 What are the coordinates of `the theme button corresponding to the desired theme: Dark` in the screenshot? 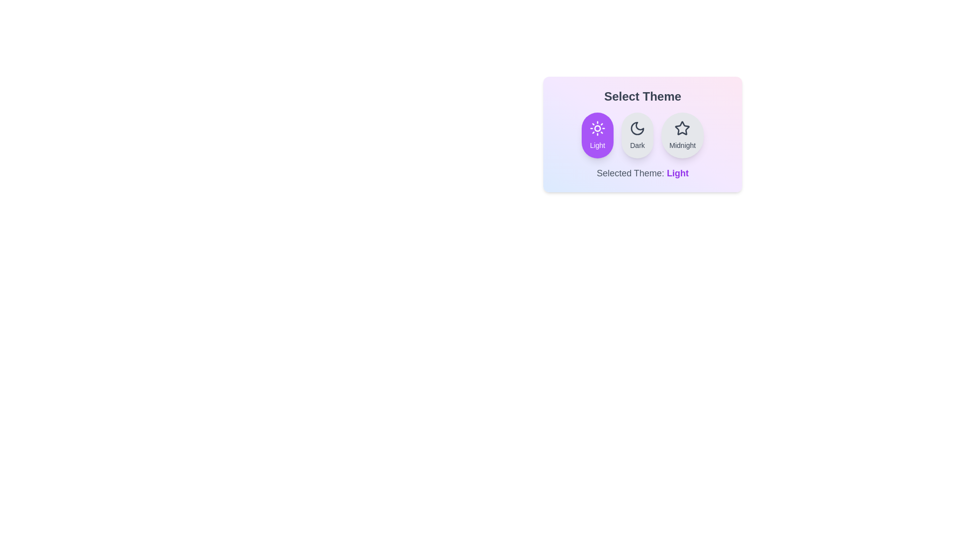 It's located at (637, 135).